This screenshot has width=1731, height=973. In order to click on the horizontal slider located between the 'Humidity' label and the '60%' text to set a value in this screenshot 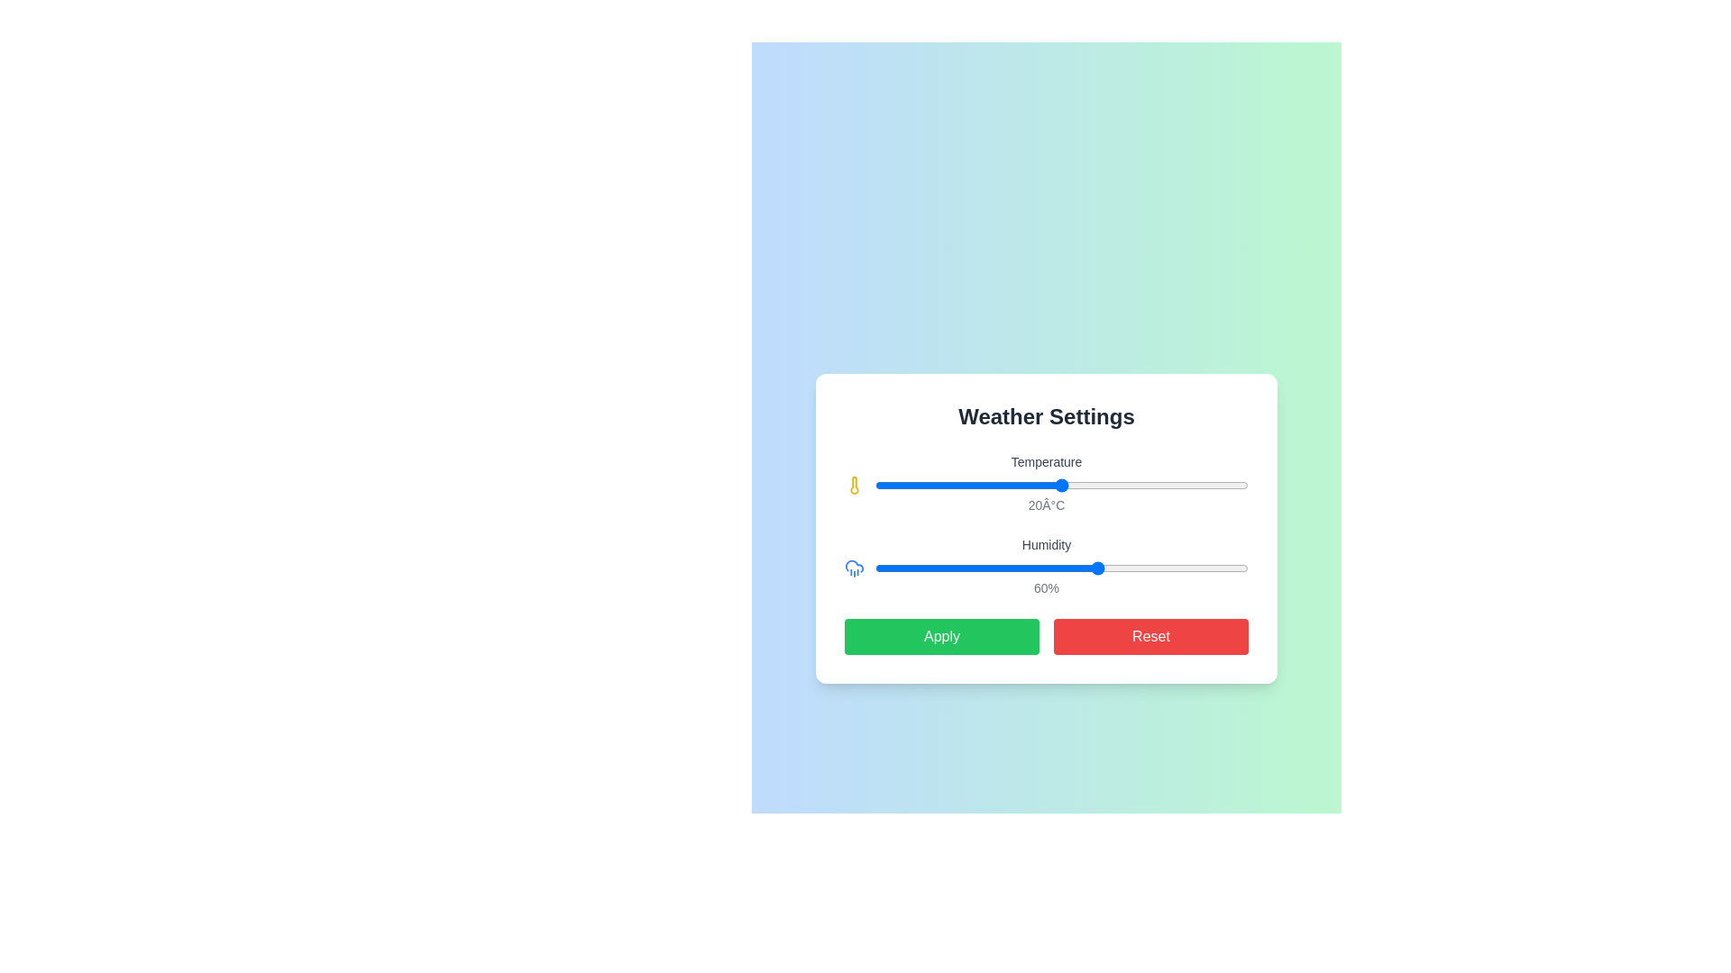, I will do `click(1062, 568)`.